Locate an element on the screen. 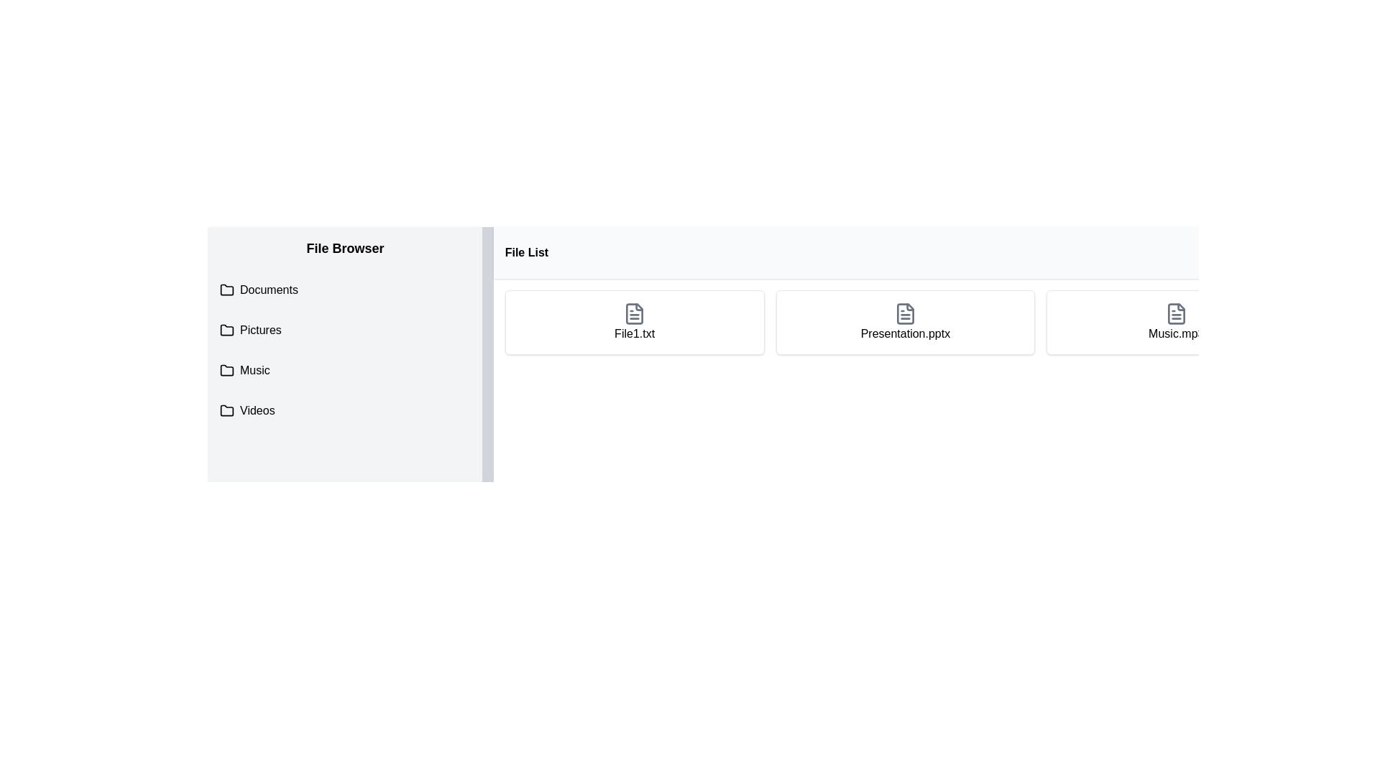 The width and height of the screenshot is (1380, 776). the document icon with a minimalist design located above the 'Music.mp3' text label in the file list section is located at coordinates (1176, 313).